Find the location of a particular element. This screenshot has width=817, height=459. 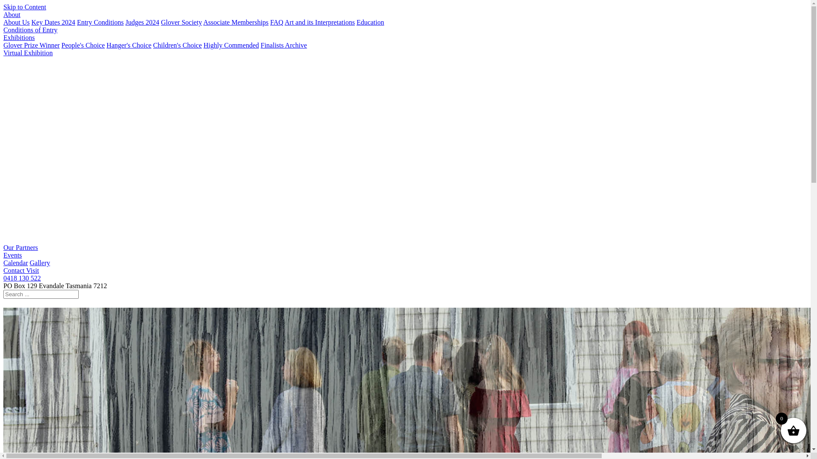

'Finalists Archive' is located at coordinates (283, 45).